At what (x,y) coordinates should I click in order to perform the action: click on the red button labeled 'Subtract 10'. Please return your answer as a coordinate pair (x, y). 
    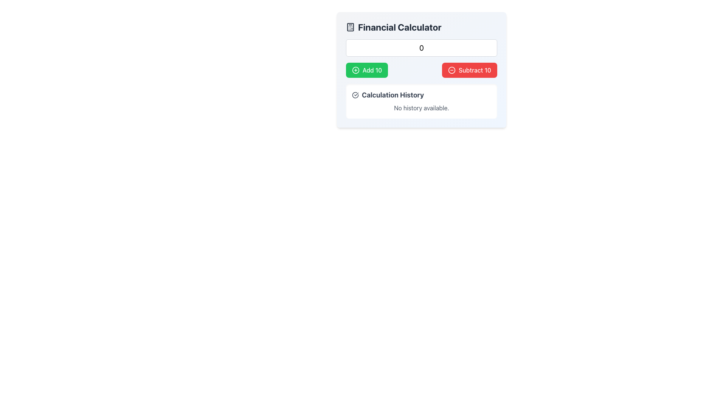
    Looking at the image, I should click on (469, 70).